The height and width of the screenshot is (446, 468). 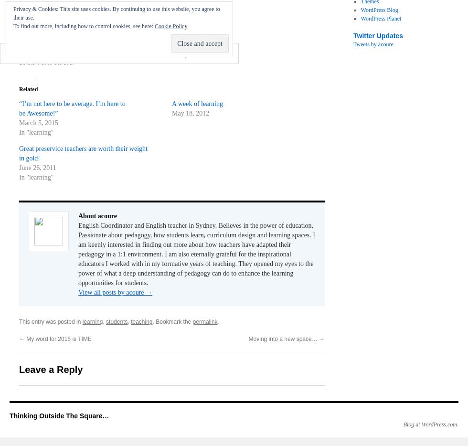 What do you see at coordinates (152, 52) in the screenshot?
I see `'Comment'` at bounding box center [152, 52].